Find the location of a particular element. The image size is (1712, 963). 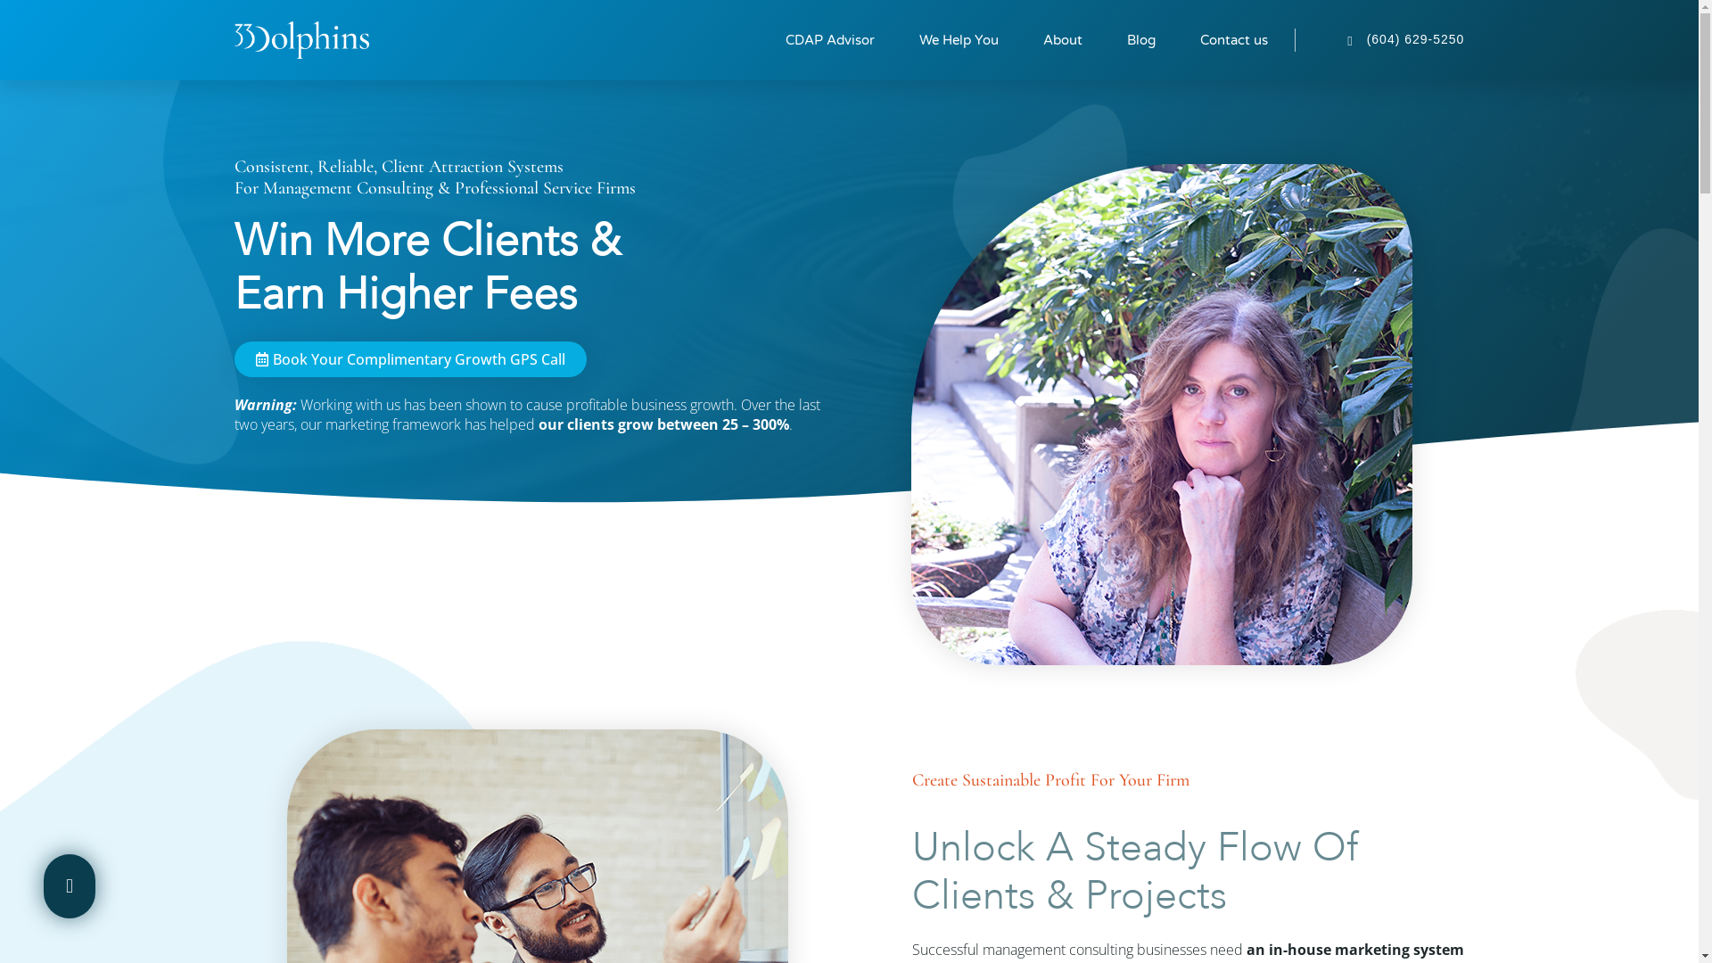

'We Help You' is located at coordinates (958, 40).